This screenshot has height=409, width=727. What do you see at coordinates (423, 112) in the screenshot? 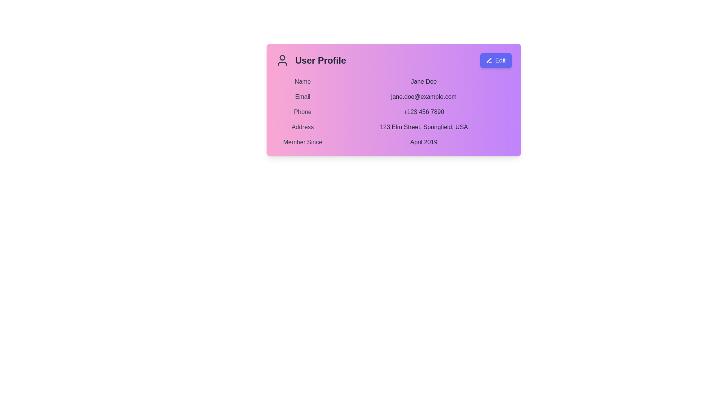
I see `the static text displaying the phone number '+123 456 7890', which is styled in black font on a gradient purple-to-pink background and positioned next to the label 'Phone'` at bounding box center [423, 112].